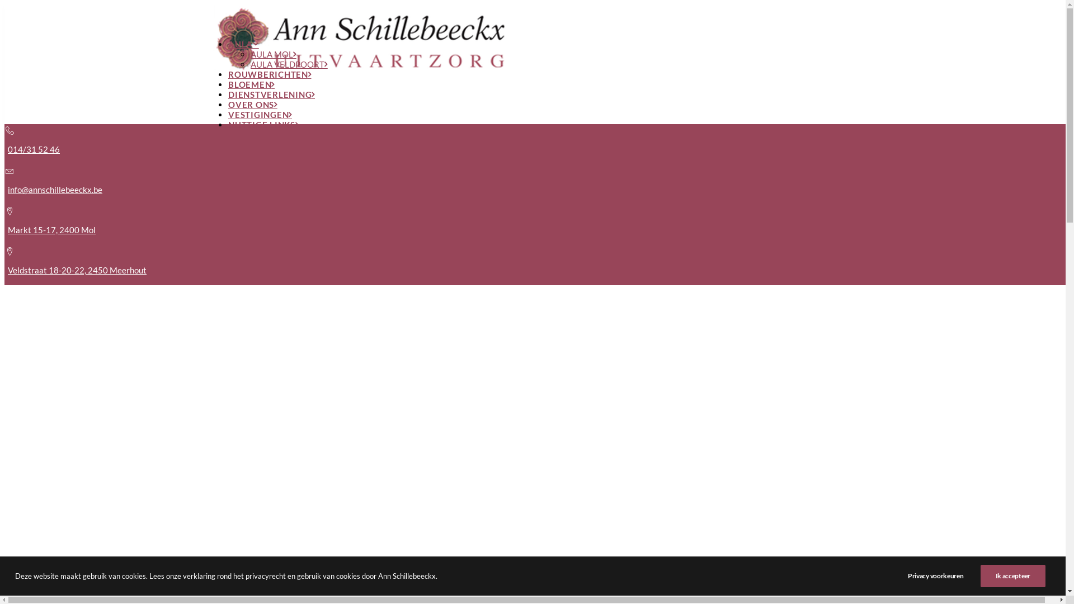 The image size is (1074, 604). Describe the element at coordinates (979, 575) in the screenshot. I see `'Ik accepteer'` at that location.